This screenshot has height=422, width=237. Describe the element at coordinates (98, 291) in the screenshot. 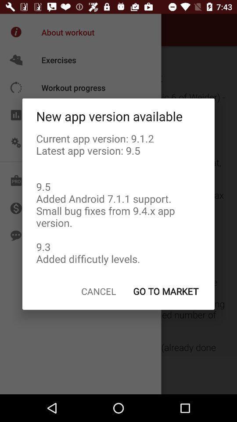

I see `item to the left of the go to market item` at that location.